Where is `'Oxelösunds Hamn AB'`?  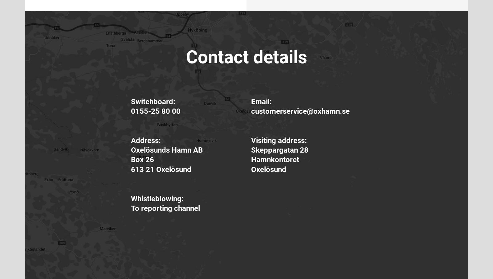
'Oxelösunds Hamn AB' is located at coordinates (130, 150).